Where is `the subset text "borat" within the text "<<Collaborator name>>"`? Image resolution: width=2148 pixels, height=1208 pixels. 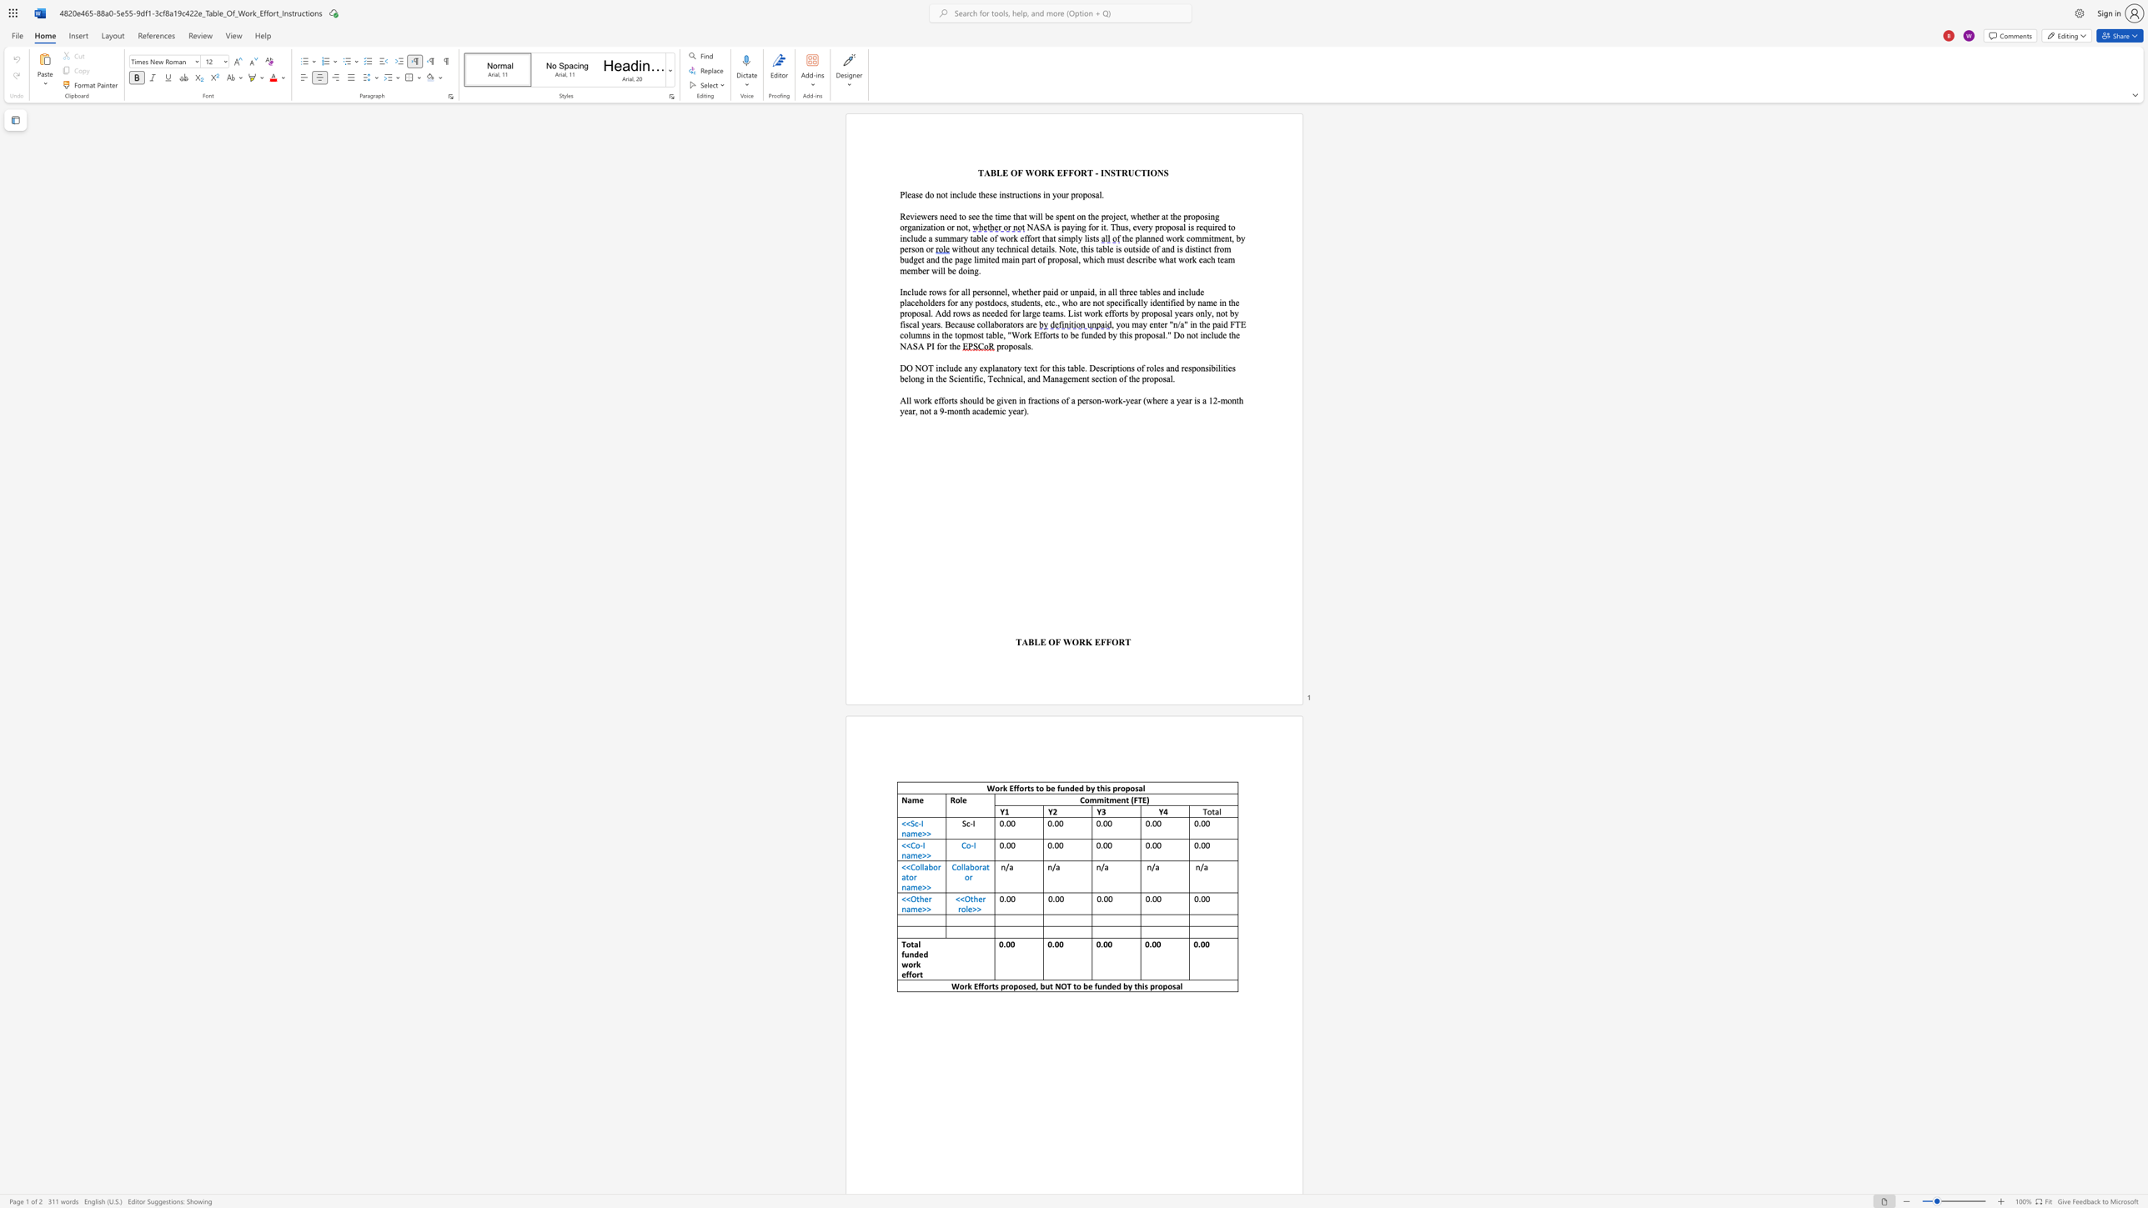 the subset text "borat" within the text "<<Collaborator name>>" is located at coordinates (929, 866).